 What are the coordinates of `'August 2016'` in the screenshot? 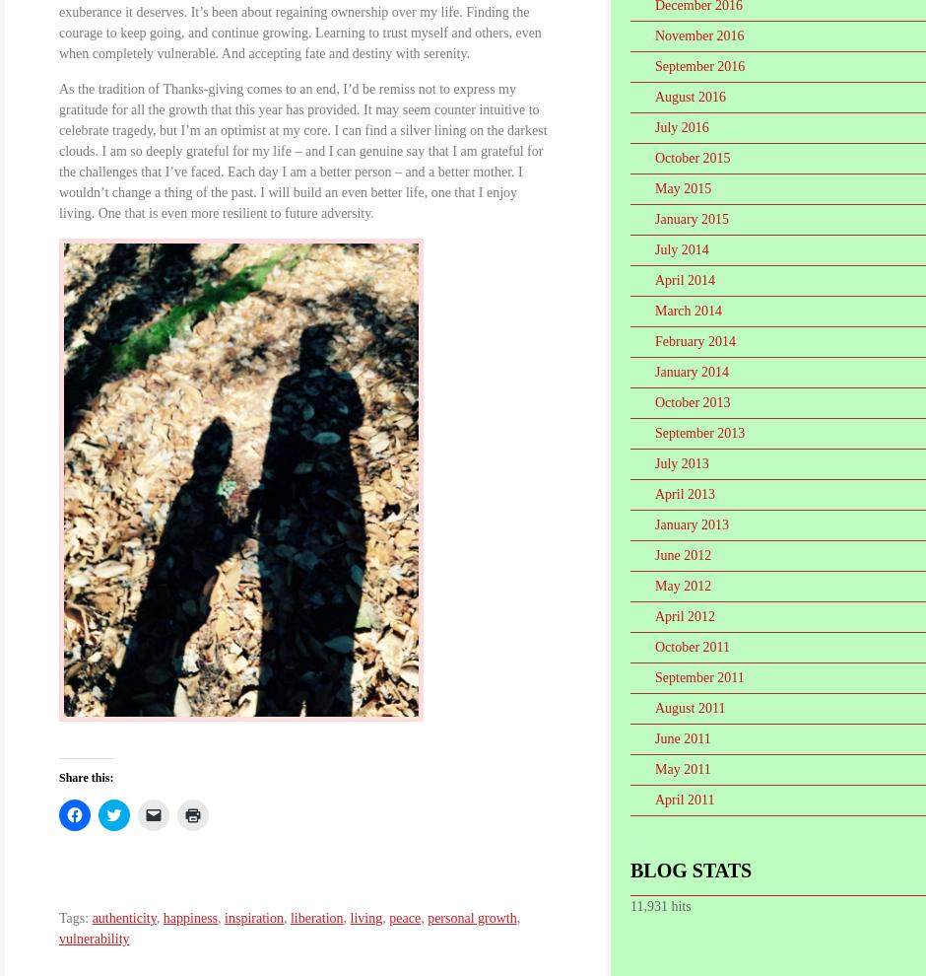 It's located at (689, 97).